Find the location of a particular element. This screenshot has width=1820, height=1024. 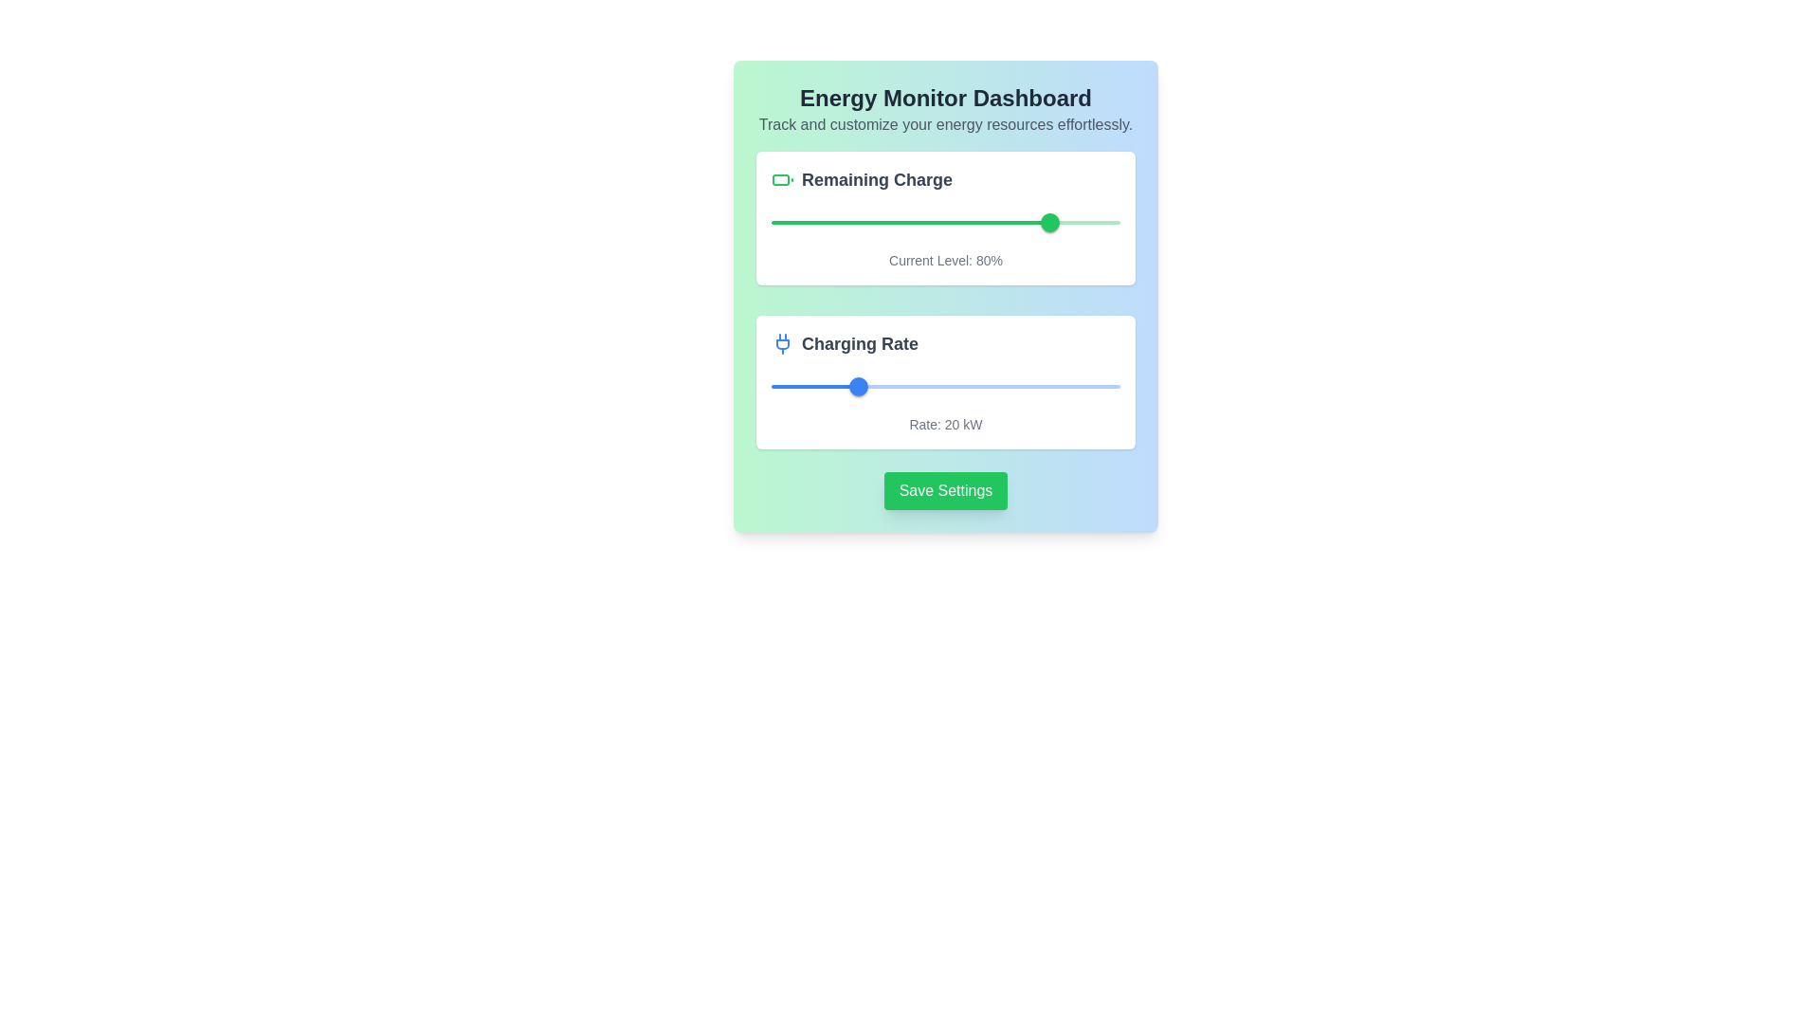

the slider is located at coordinates (864, 386).